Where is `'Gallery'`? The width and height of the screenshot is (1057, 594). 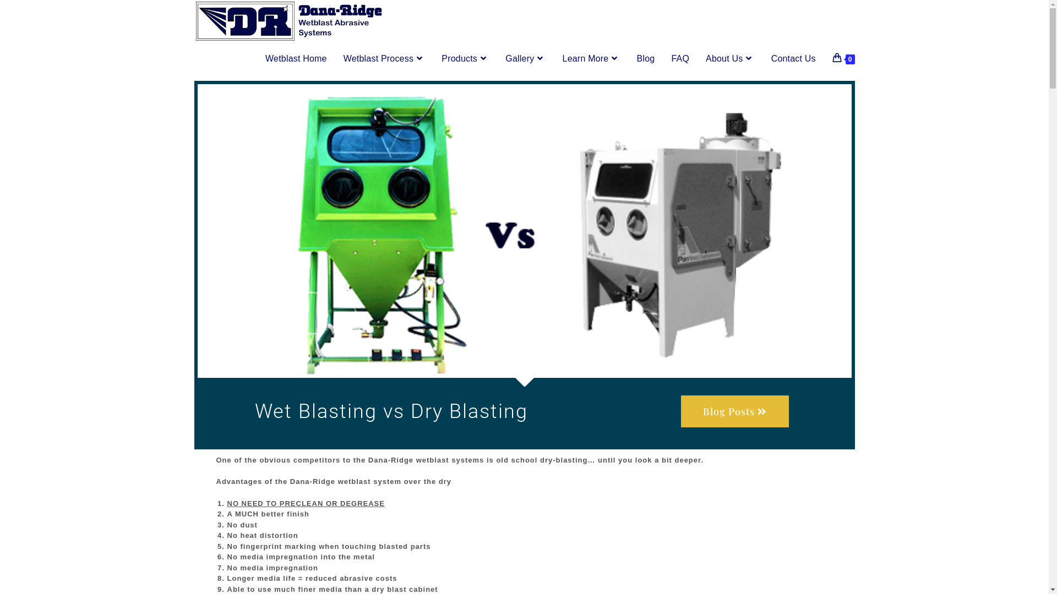
'Gallery' is located at coordinates (525, 59).